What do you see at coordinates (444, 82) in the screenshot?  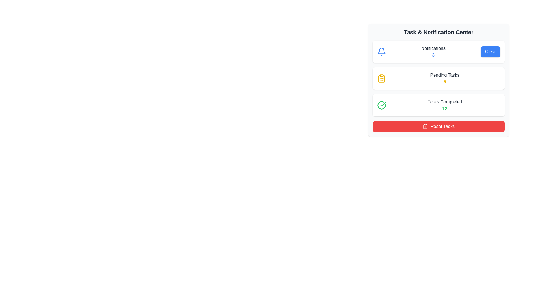 I see `the Text Label that visually represents the quantity of pending tasks in the 'Pending Tasks' section, positioned immediately to the right of 'Pending Tasks'` at bounding box center [444, 82].